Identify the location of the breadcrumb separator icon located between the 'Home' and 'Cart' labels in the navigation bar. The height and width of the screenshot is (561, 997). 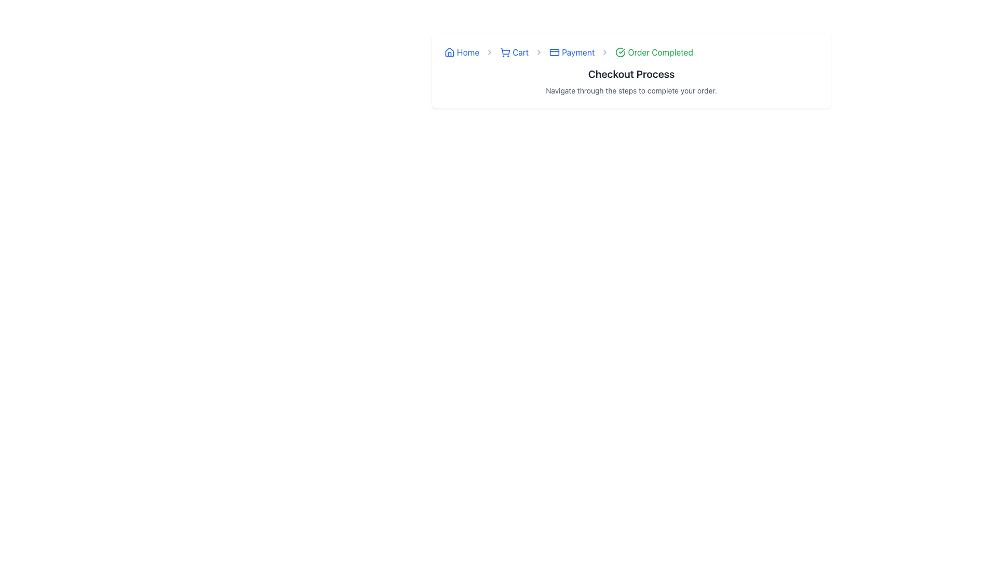
(489, 52).